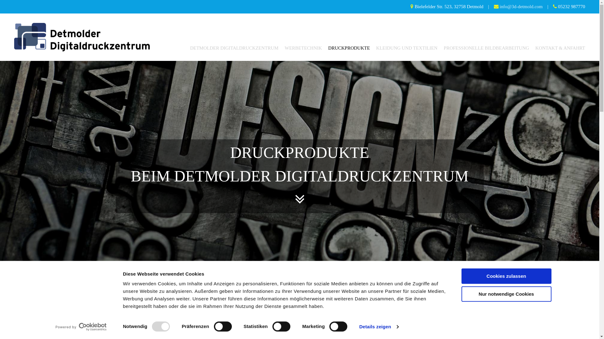  What do you see at coordinates (404, 48) in the screenshot?
I see `'KLEIDUNG UND TEXTILIEN'` at bounding box center [404, 48].